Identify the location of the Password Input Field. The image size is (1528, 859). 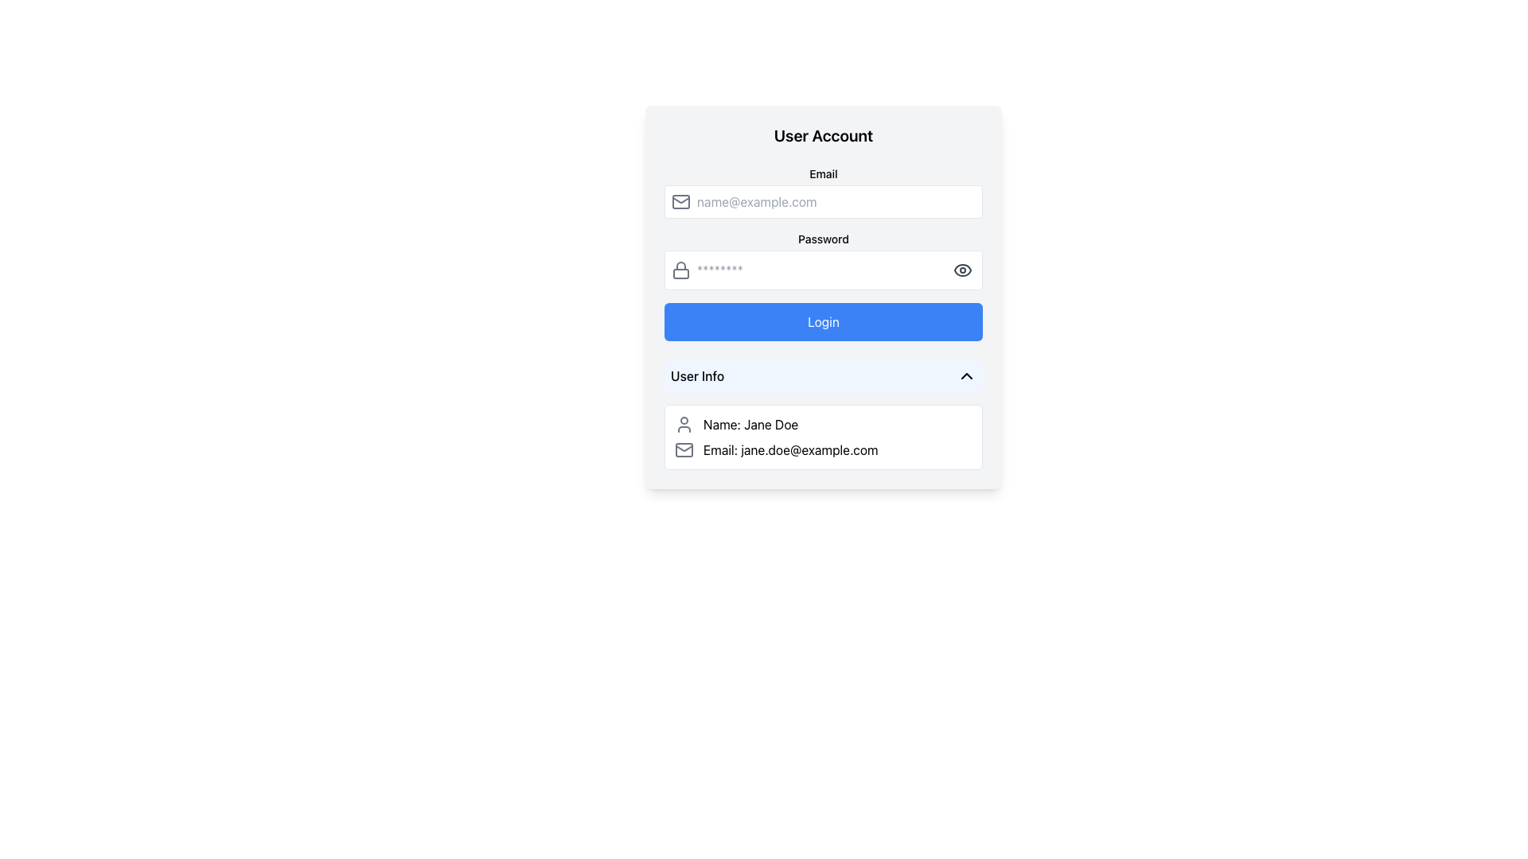
(824, 269).